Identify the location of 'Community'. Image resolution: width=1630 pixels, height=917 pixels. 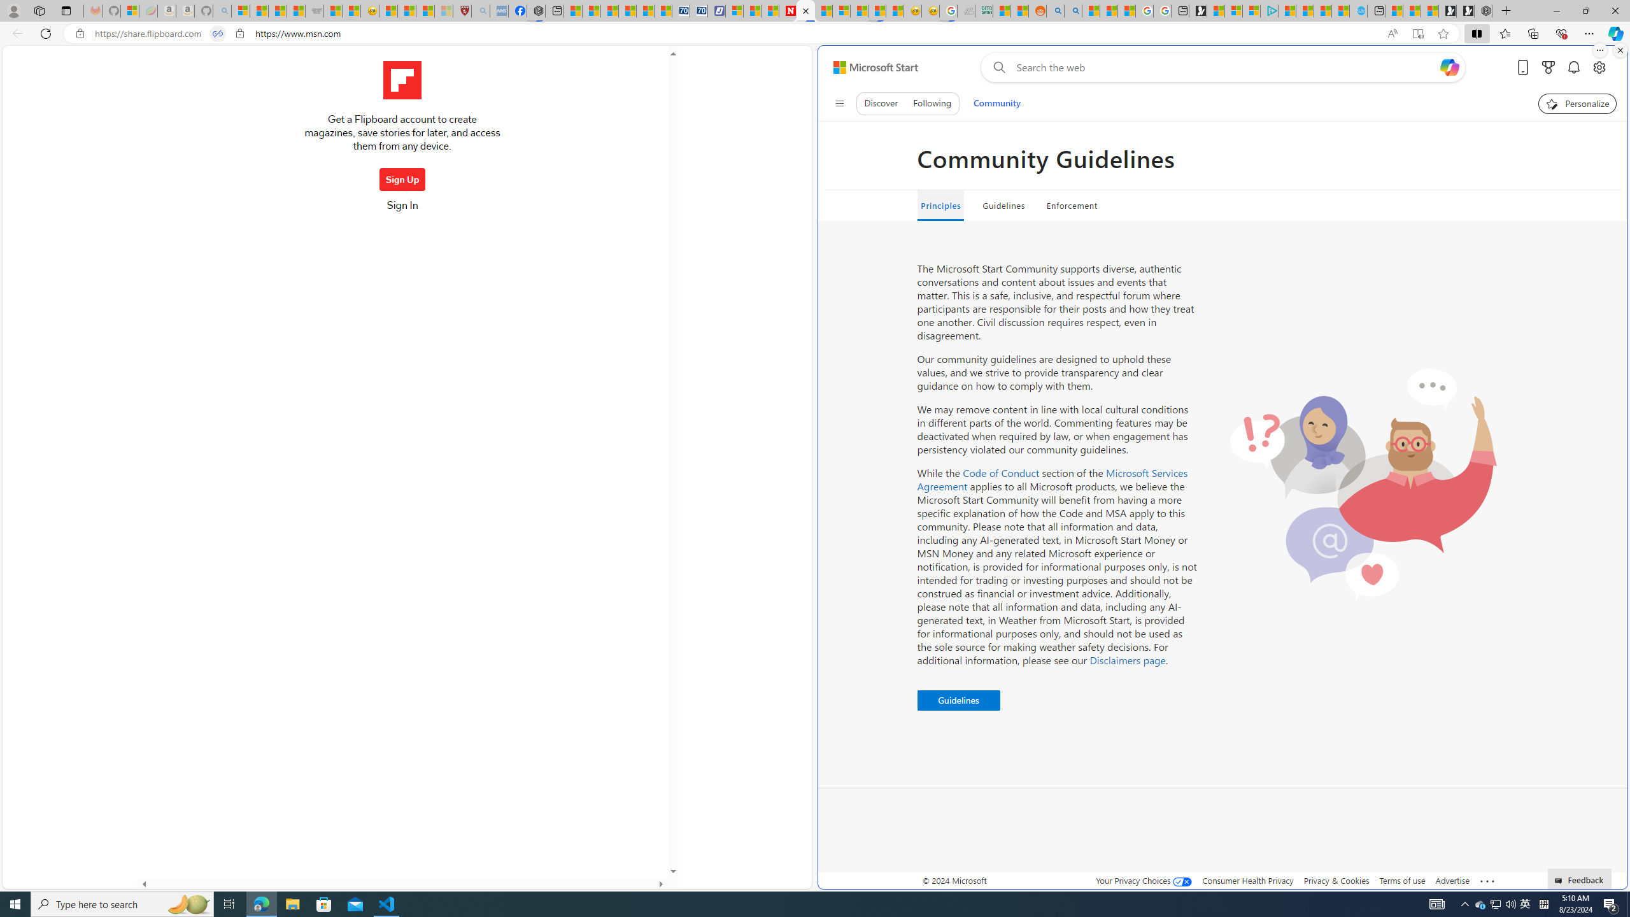
(996, 103).